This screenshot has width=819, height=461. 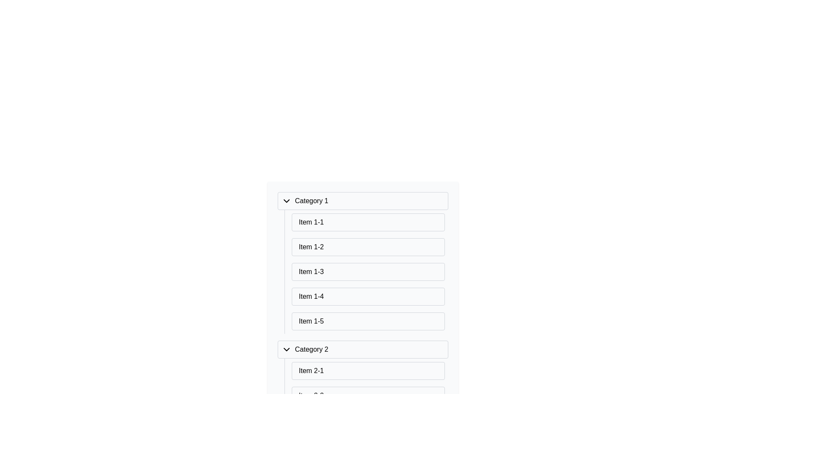 What do you see at coordinates (368, 247) in the screenshot?
I see `the second list item labeled 'Item 1-2' in the light-gray box under 'Category 1'` at bounding box center [368, 247].